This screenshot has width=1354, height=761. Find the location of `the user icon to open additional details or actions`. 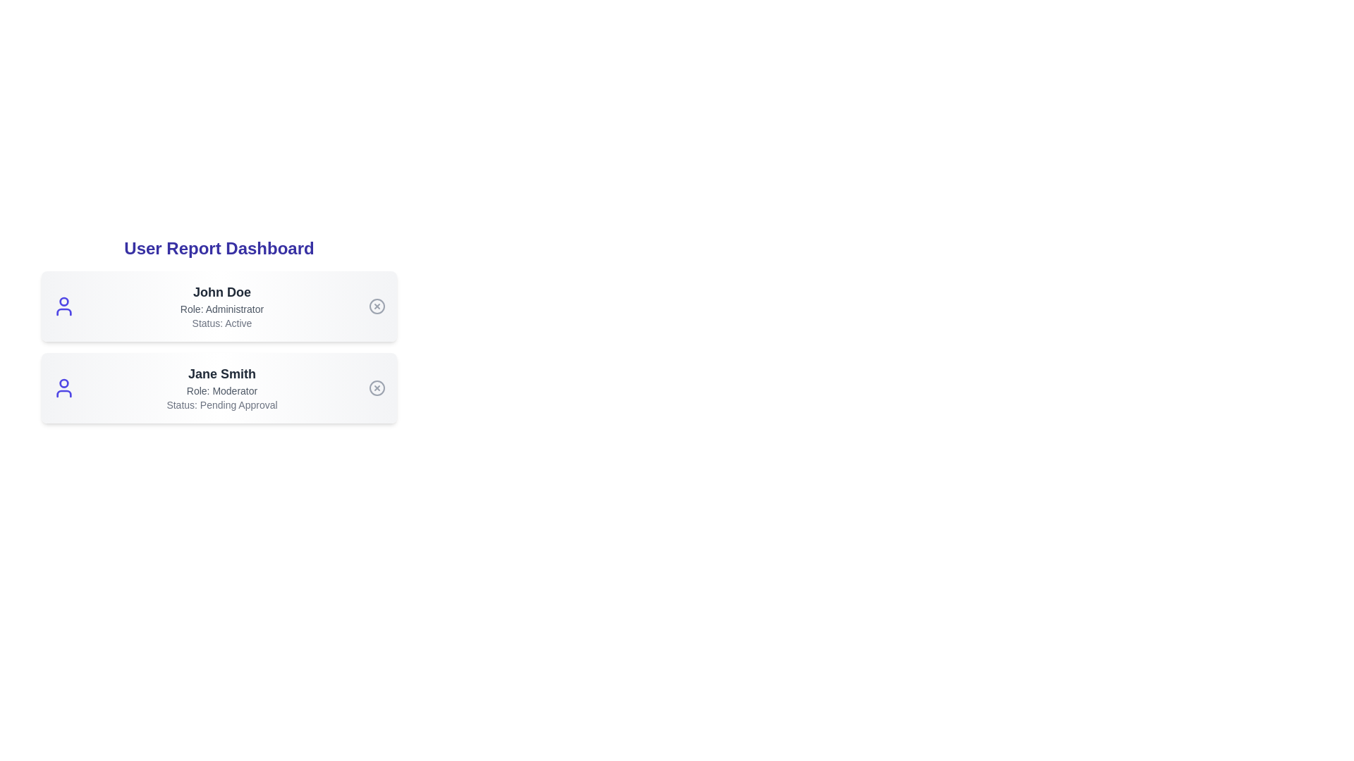

the user icon to open additional details or actions is located at coordinates (63, 306).